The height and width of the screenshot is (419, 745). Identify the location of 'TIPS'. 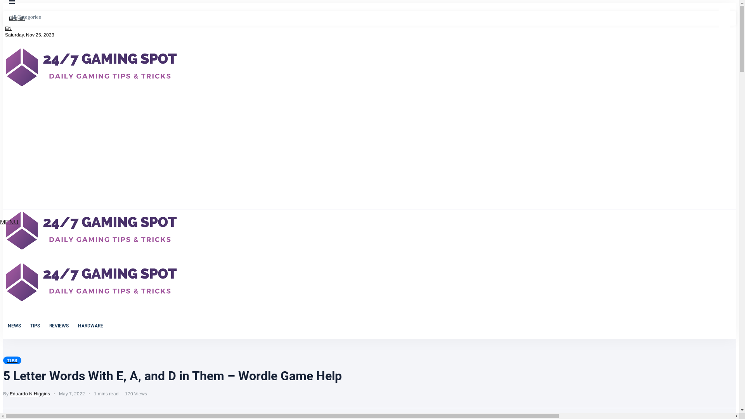
(35, 326).